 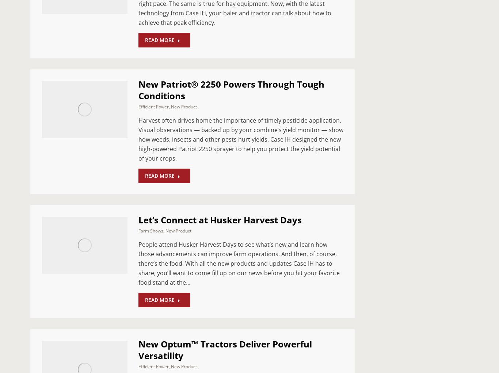 What do you see at coordinates (225, 349) in the screenshot?
I see `'New Optum™ Tractors Deliver Powerful Versatility'` at bounding box center [225, 349].